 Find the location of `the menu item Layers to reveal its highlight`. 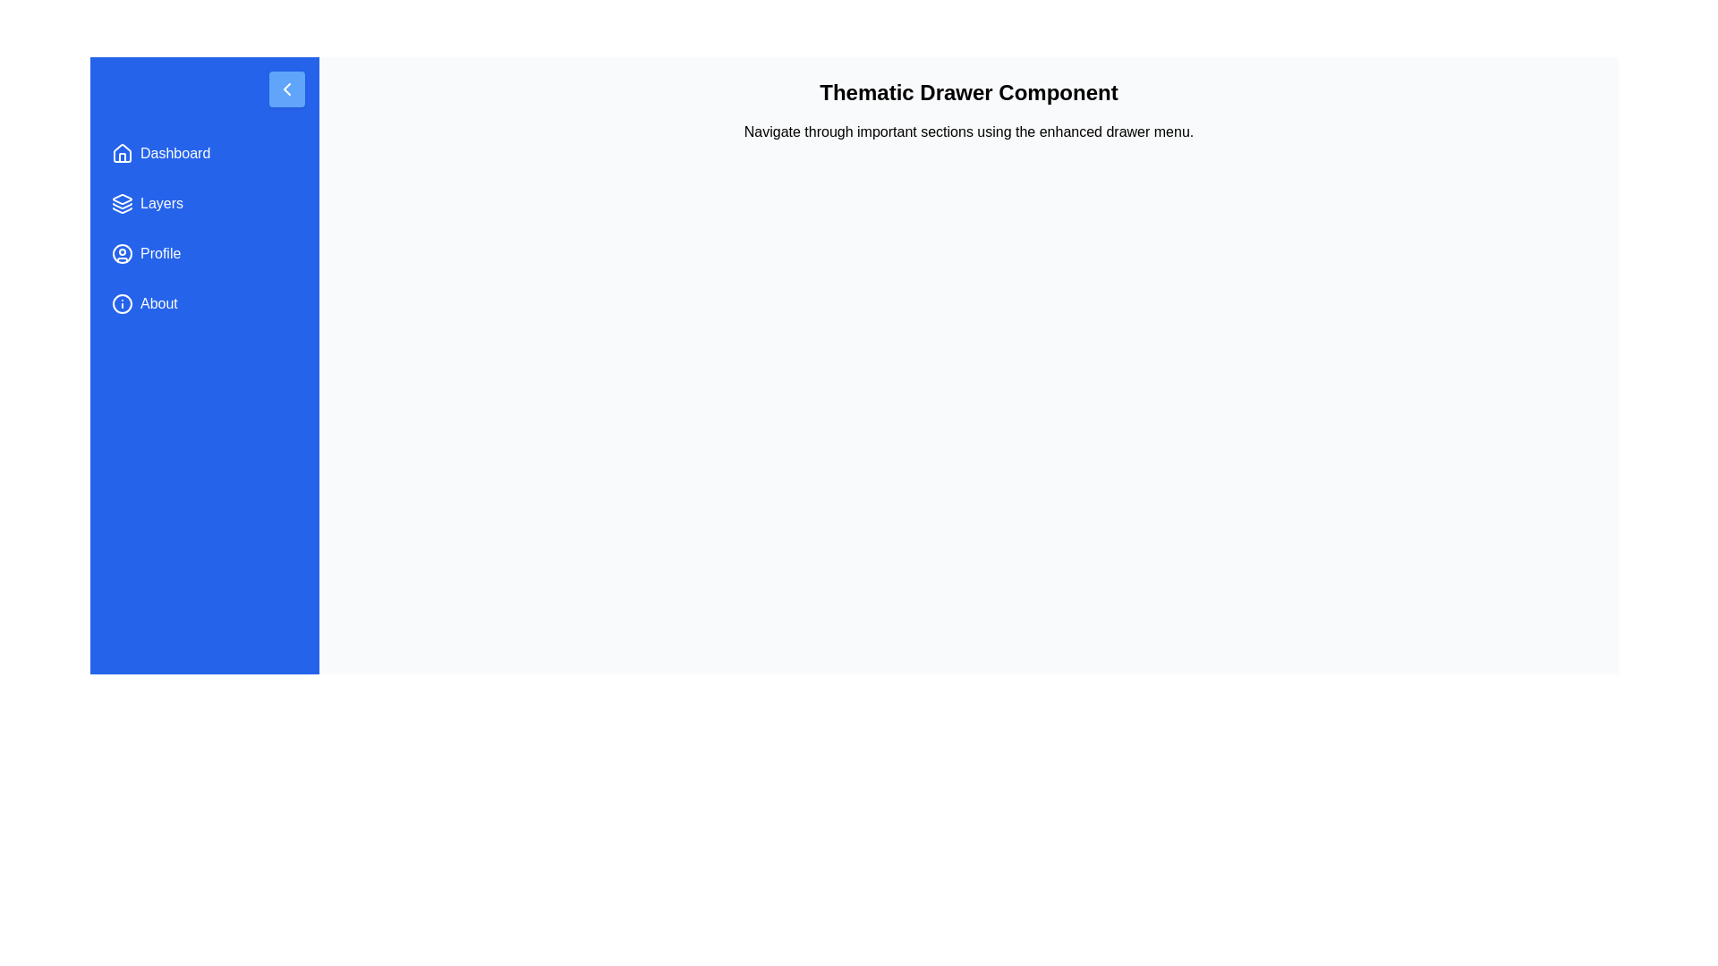

the menu item Layers to reveal its highlight is located at coordinates (205, 202).